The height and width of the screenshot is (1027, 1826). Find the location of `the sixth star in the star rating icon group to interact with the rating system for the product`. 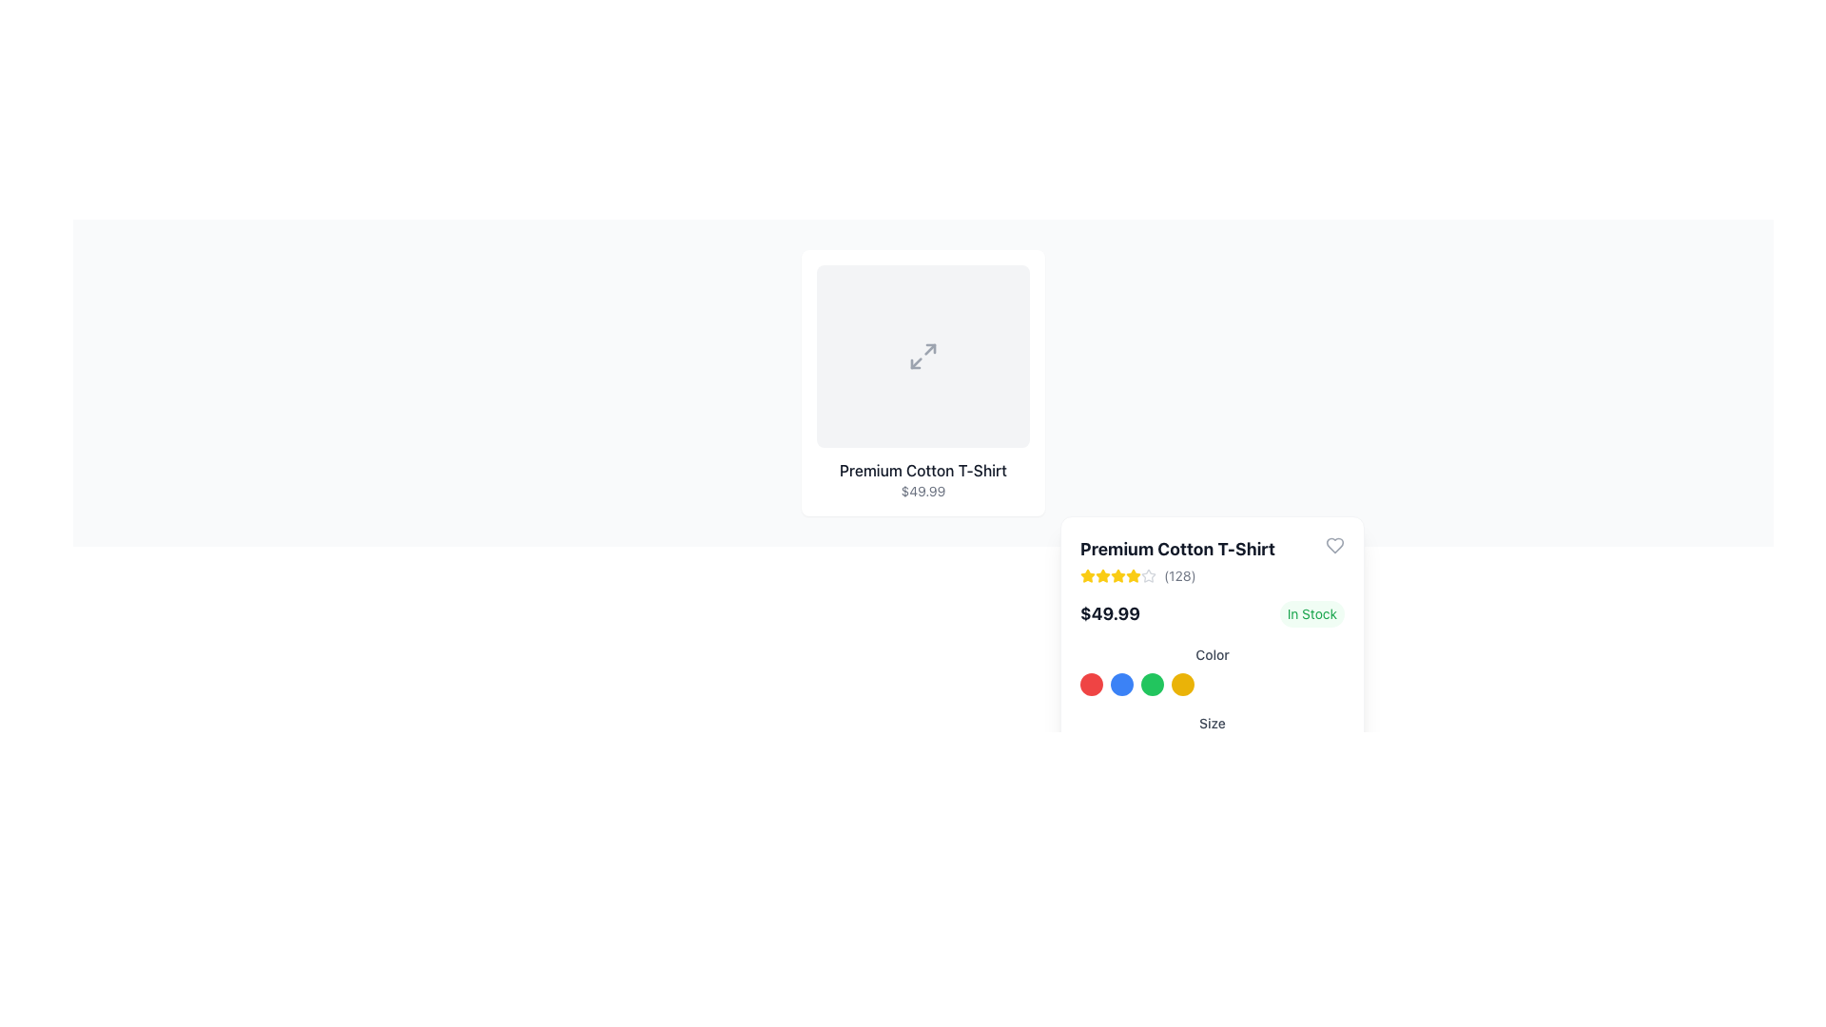

the sixth star in the star rating icon group to interact with the rating system for the product is located at coordinates (1133, 574).